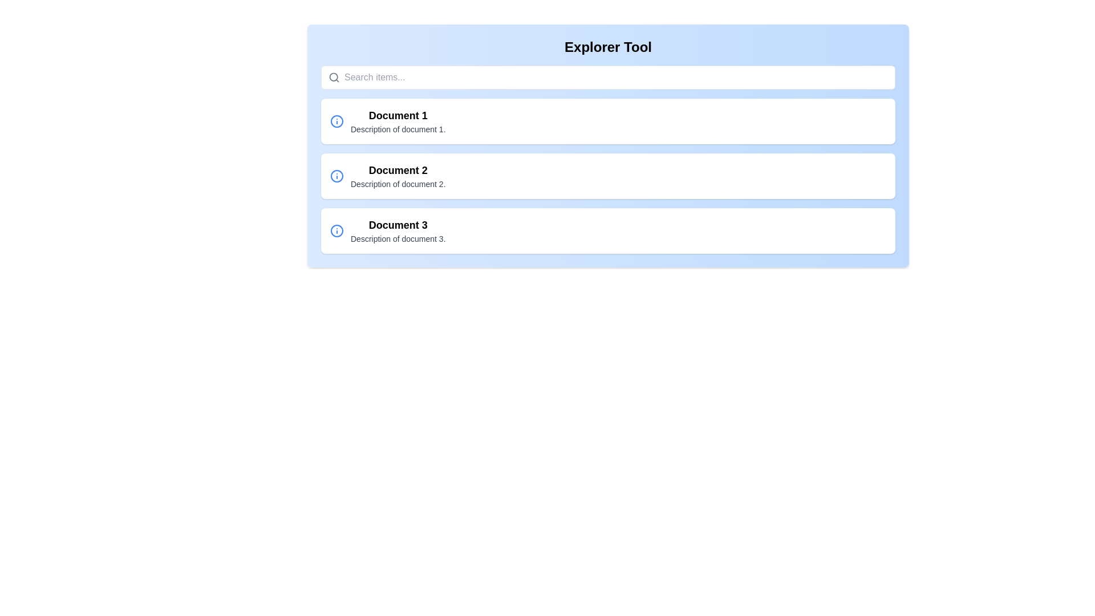 The width and height of the screenshot is (1095, 616). I want to click on the circular outline icon with a blue-tinted border located to the left of the 'Document 3' text in the third entry of the vertical list, so click(336, 231).